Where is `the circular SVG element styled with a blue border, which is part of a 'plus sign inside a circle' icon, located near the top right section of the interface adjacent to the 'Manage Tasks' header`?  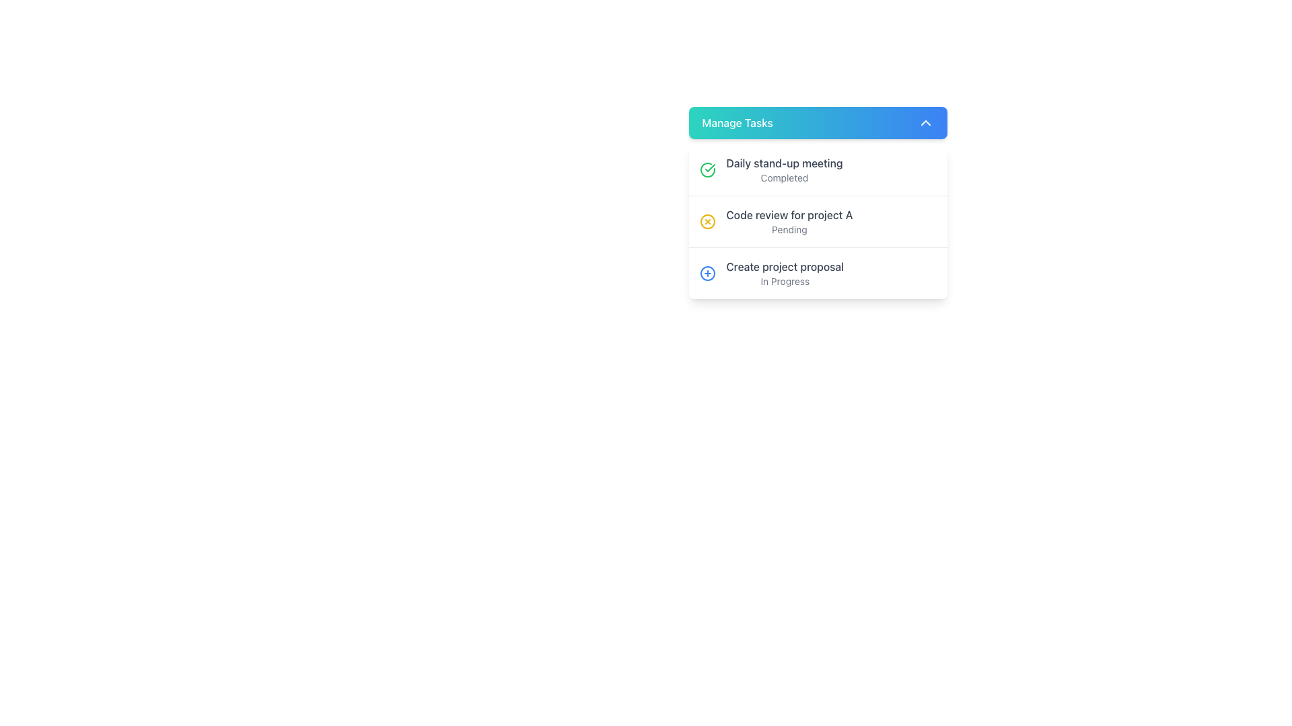 the circular SVG element styled with a blue border, which is part of a 'plus sign inside a circle' icon, located near the top right section of the interface adjacent to the 'Manage Tasks' header is located at coordinates (707, 273).